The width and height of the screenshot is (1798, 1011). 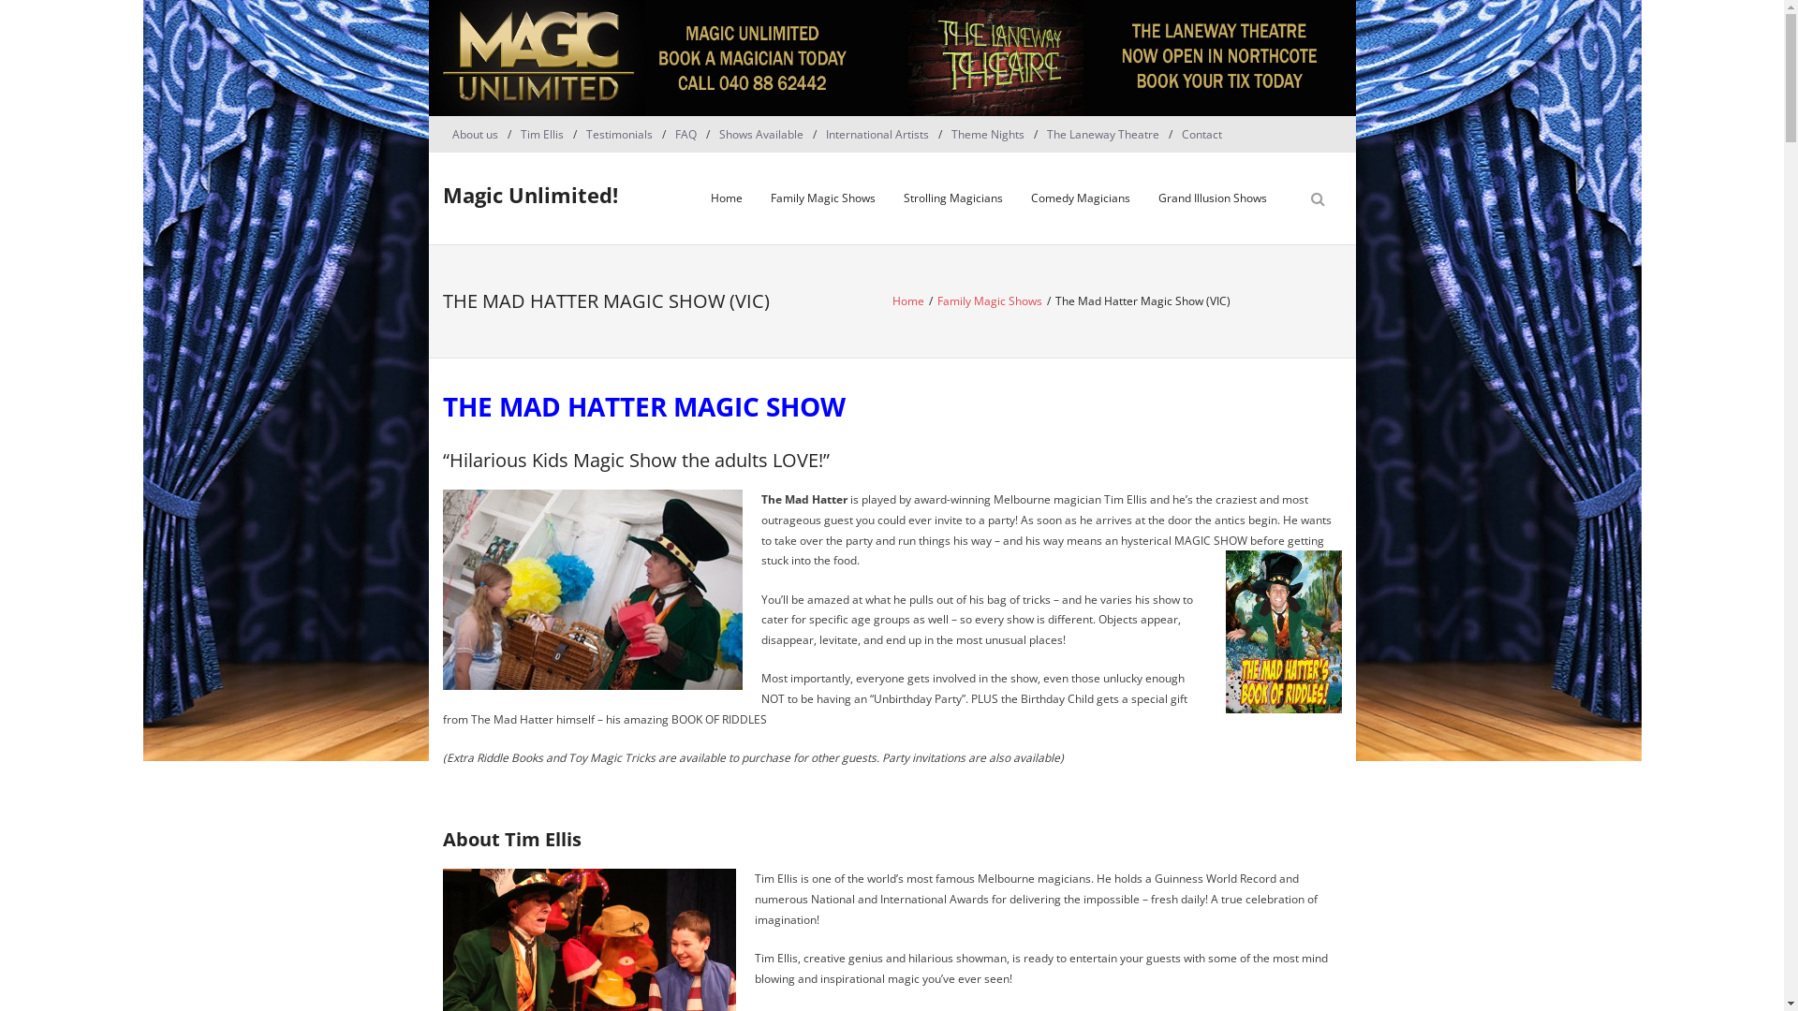 What do you see at coordinates (440, 133) in the screenshot?
I see `'About us'` at bounding box center [440, 133].